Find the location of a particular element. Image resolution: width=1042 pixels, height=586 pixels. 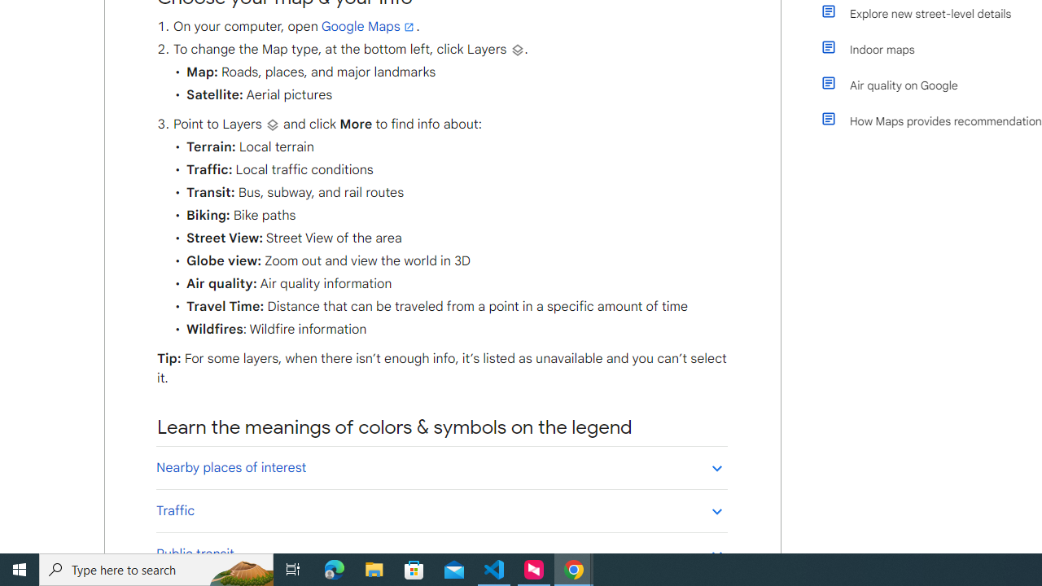

'Public transit' is located at coordinates (441, 553).